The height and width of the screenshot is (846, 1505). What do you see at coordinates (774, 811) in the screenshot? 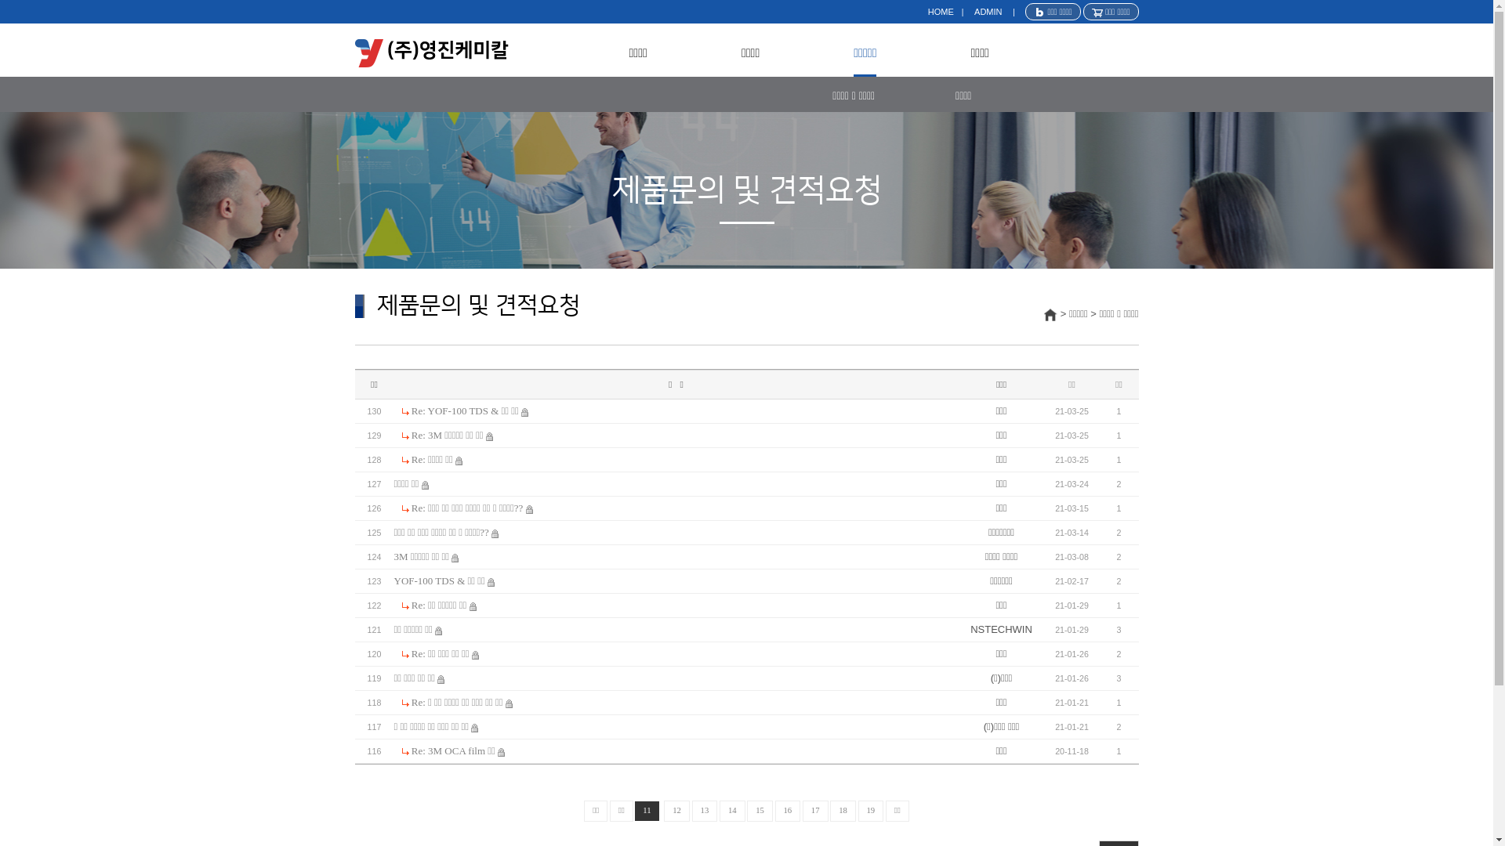
I see `'16'` at bounding box center [774, 811].